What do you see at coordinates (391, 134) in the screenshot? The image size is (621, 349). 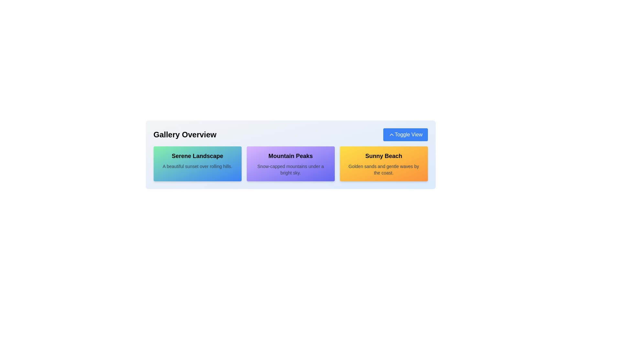 I see `the chevron-shaped marker within the 'Toggle View' button` at bounding box center [391, 134].